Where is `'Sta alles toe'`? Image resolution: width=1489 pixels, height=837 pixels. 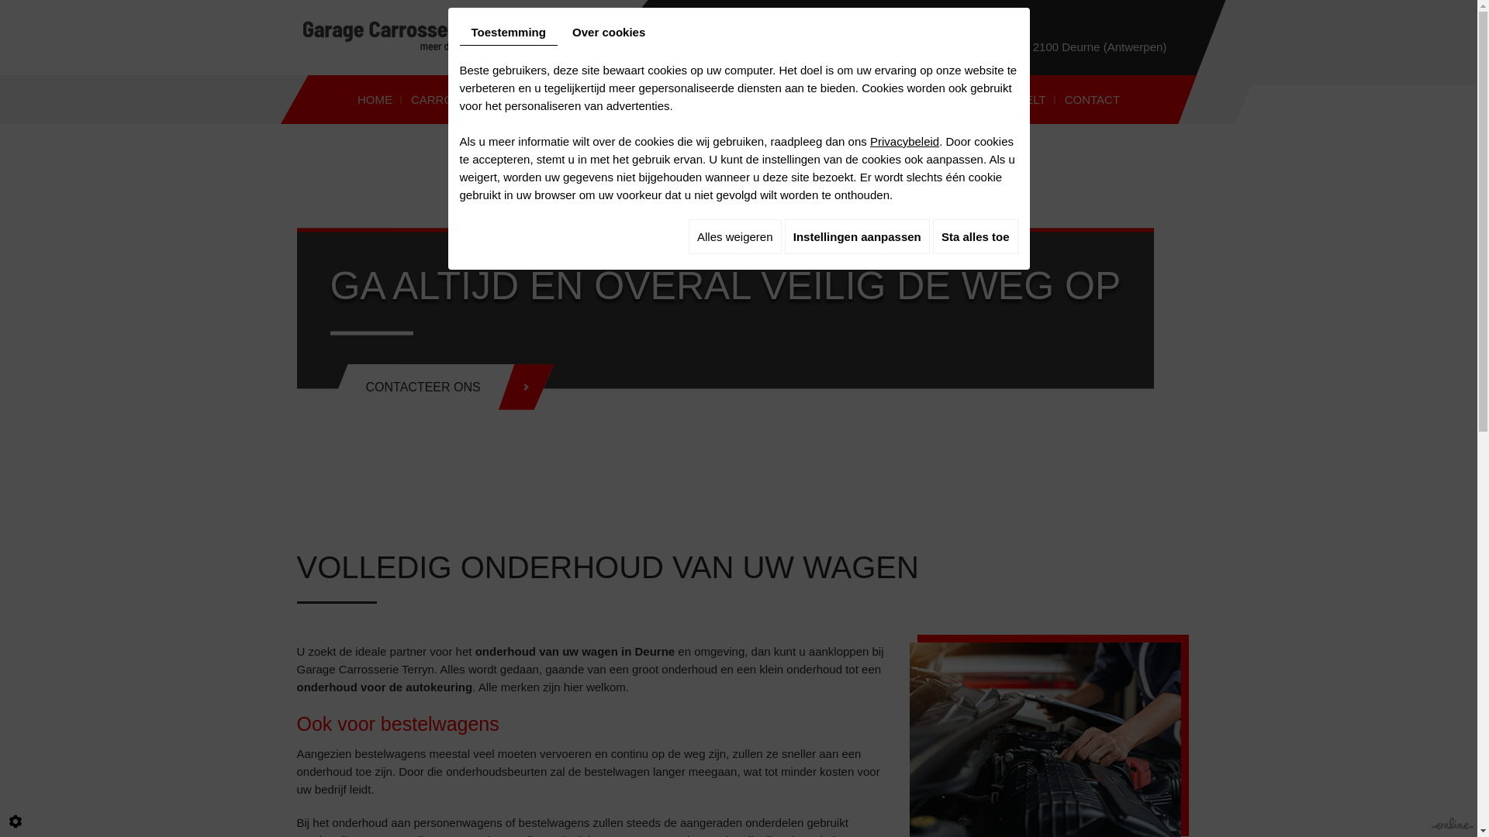 'Sta alles toe' is located at coordinates (974, 236).